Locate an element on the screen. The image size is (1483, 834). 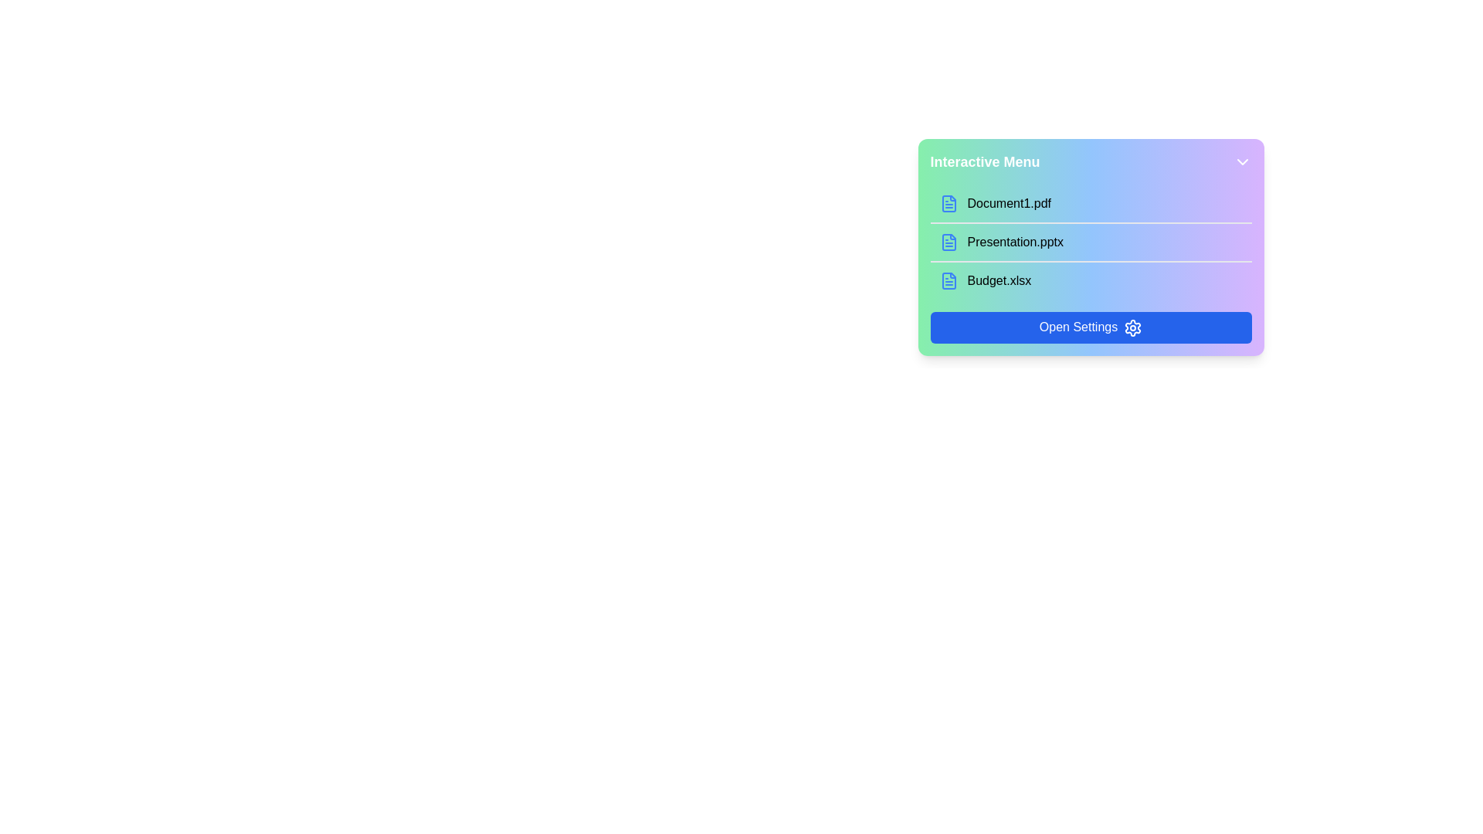
the second selectable file link for 'Presentation.pptx' in the 'Interactive Menu' is located at coordinates (1090, 243).